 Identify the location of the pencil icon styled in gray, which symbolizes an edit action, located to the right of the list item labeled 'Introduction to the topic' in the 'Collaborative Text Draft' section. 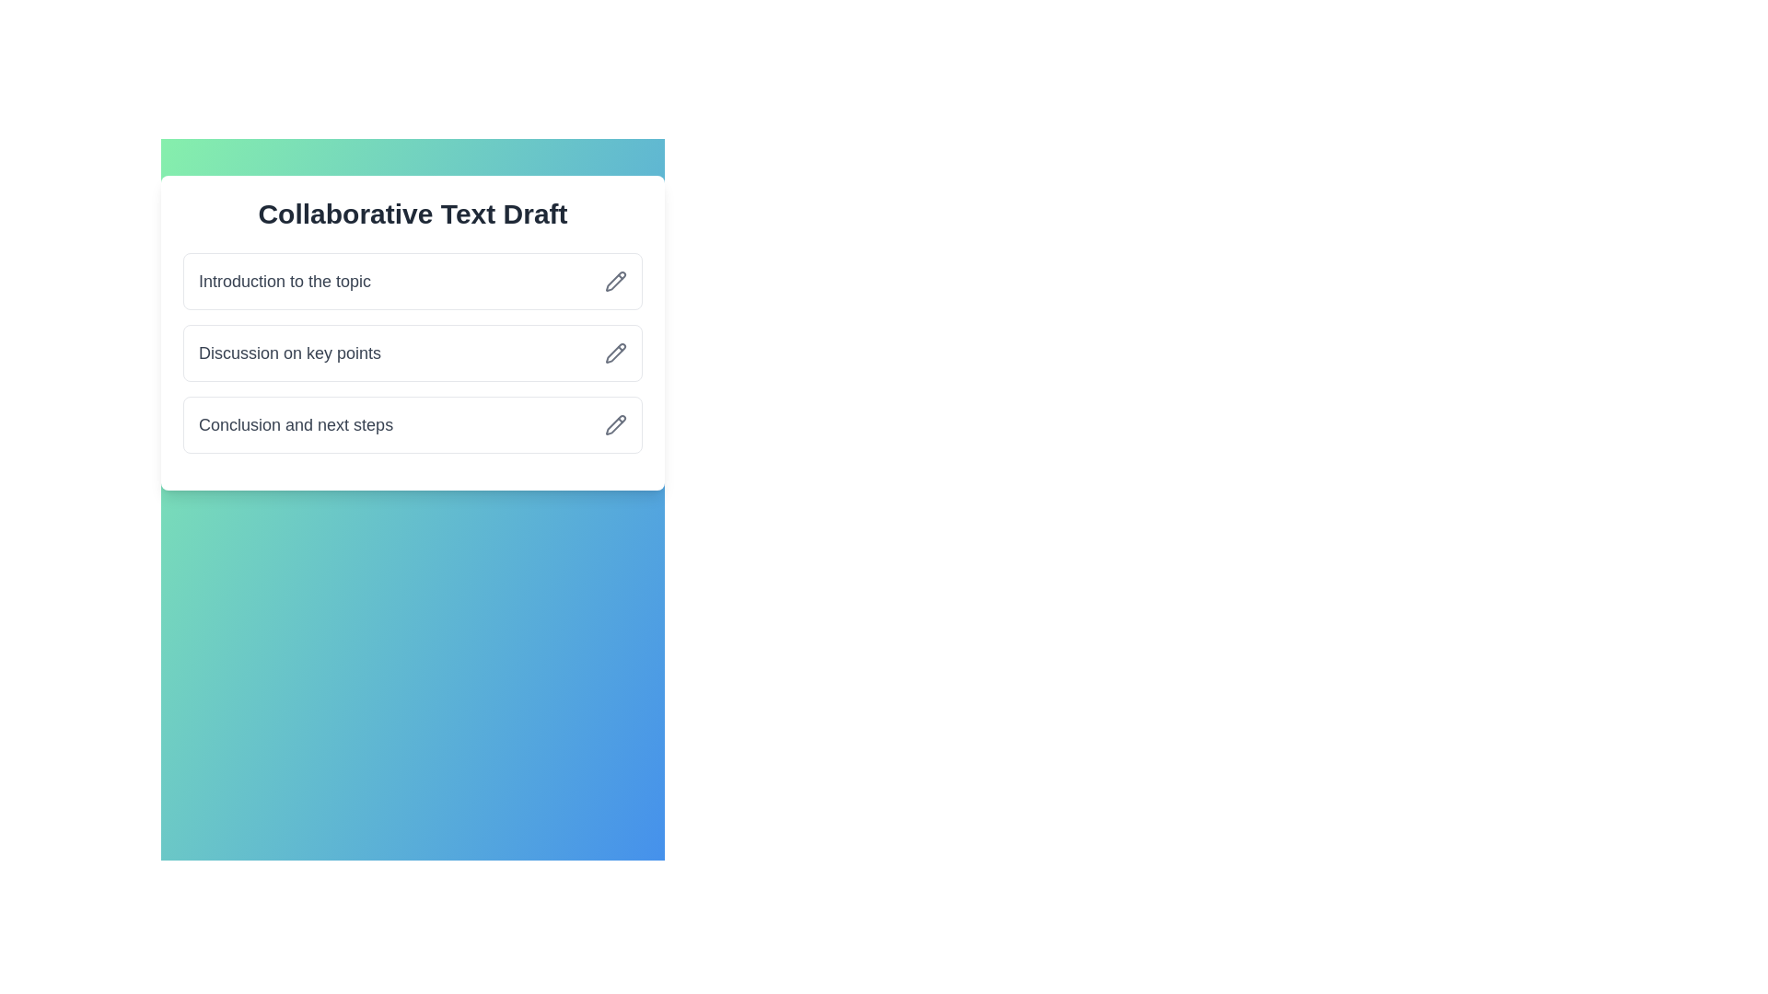
(615, 281).